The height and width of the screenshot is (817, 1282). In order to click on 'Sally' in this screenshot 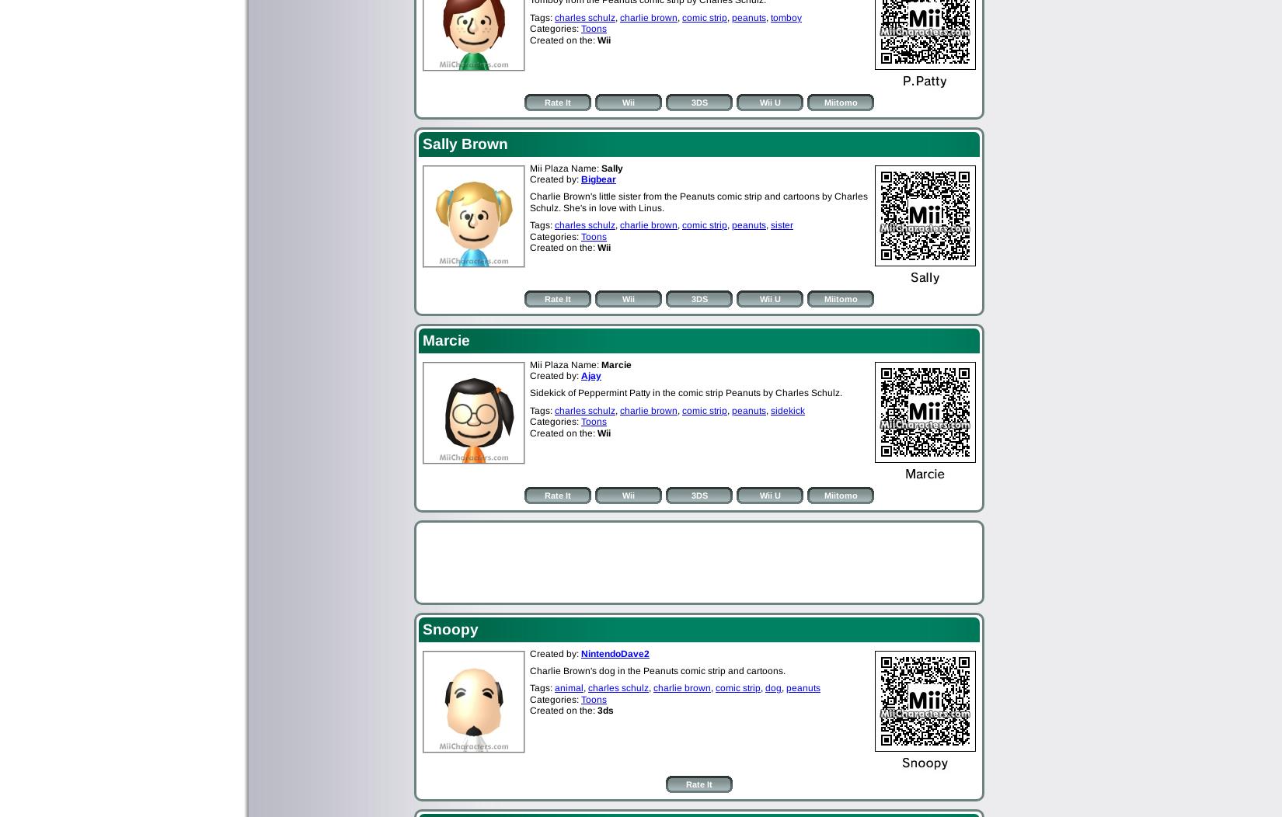, I will do `click(601, 167)`.